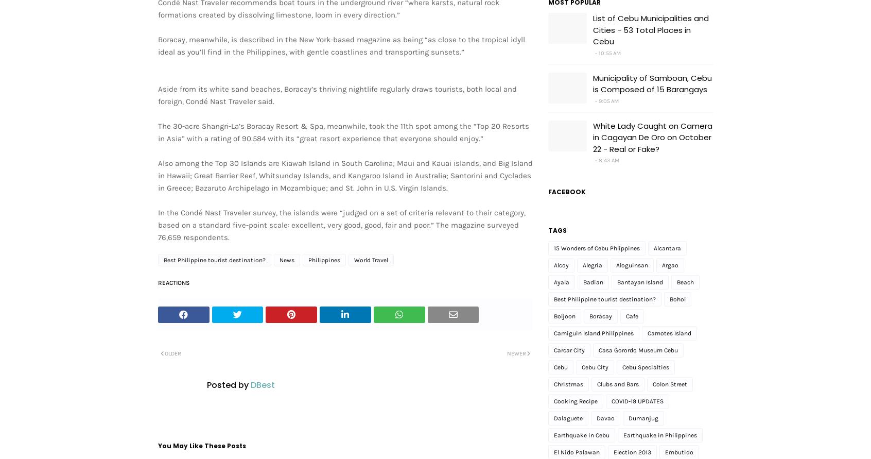 The height and width of the screenshot is (459, 871). What do you see at coordinates (608, 100) in the screenshot?
I see `'9:05 AM'` at bounding box center [608, 100].